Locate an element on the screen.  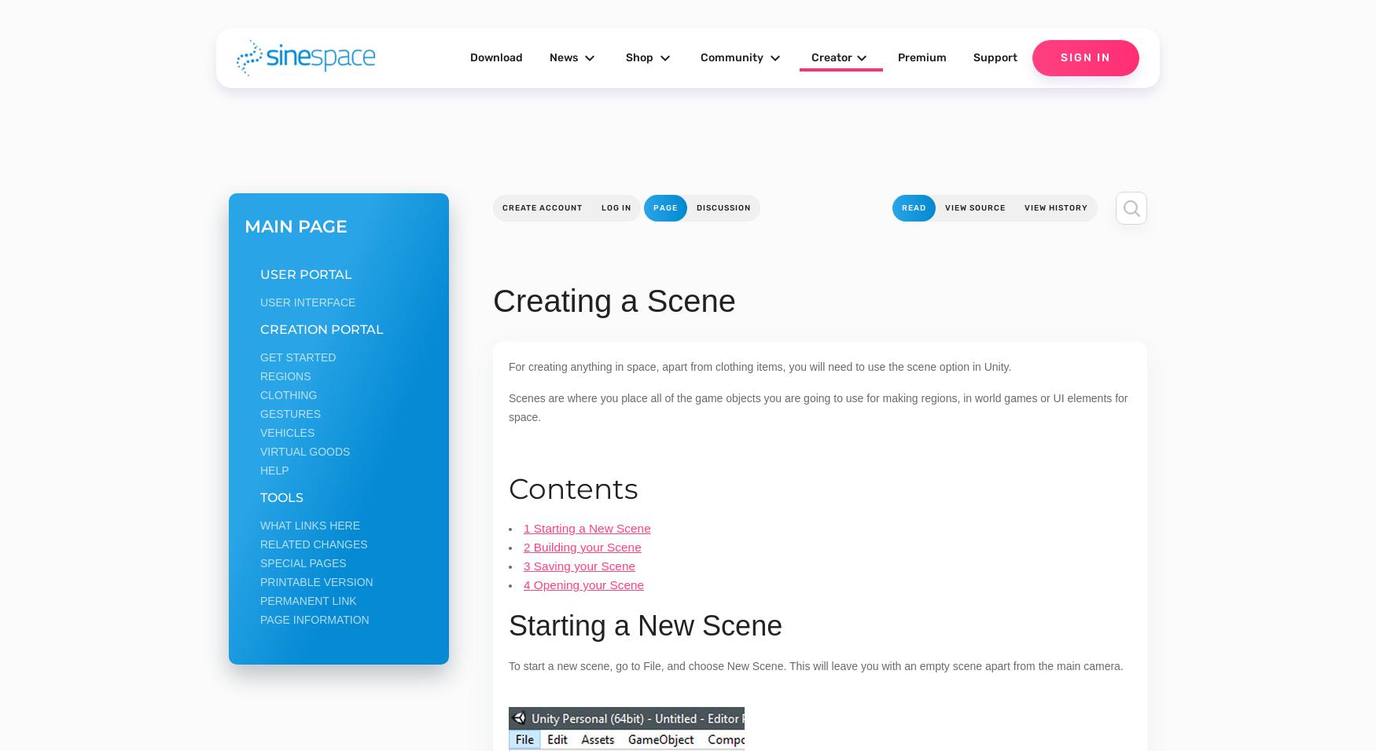
'3' is located at coordinates (526, 565).